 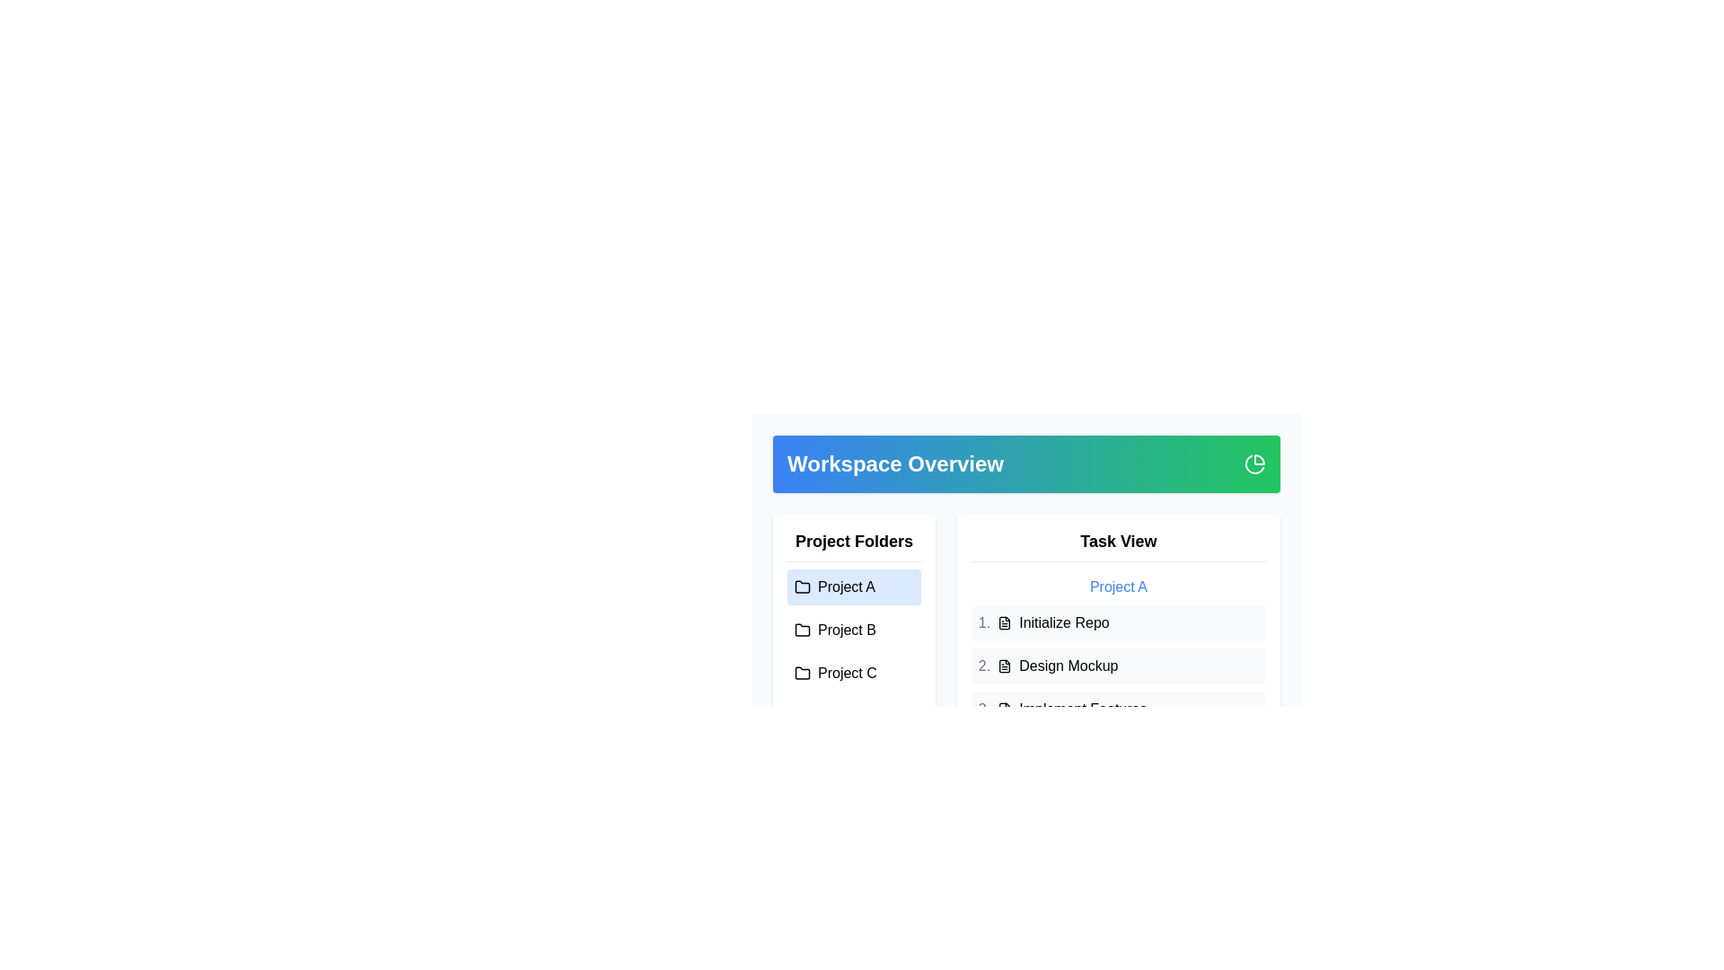 I want to click on the step indicator label for the first task in the 'Task View' list, which is located to the left of the text 'Initialize Repo', so click(x=983, y=622).